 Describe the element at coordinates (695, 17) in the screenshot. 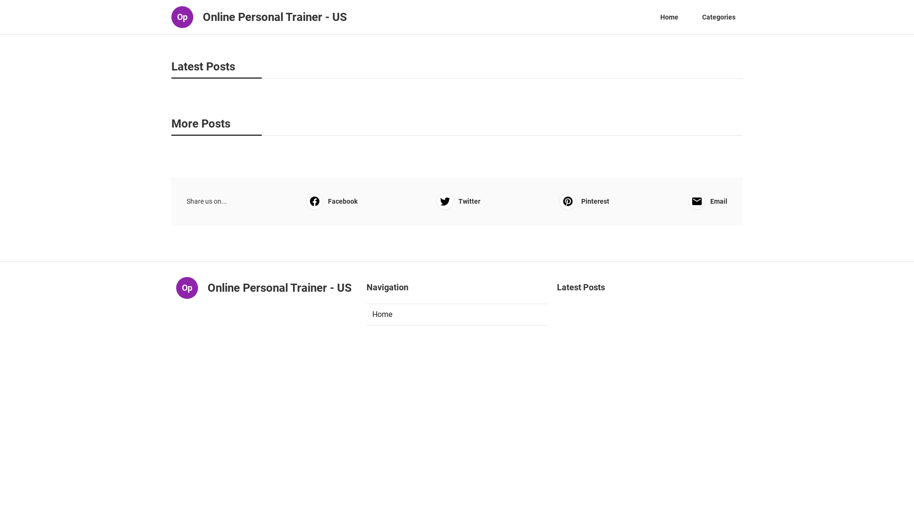

I see `'Categories'` at that location.